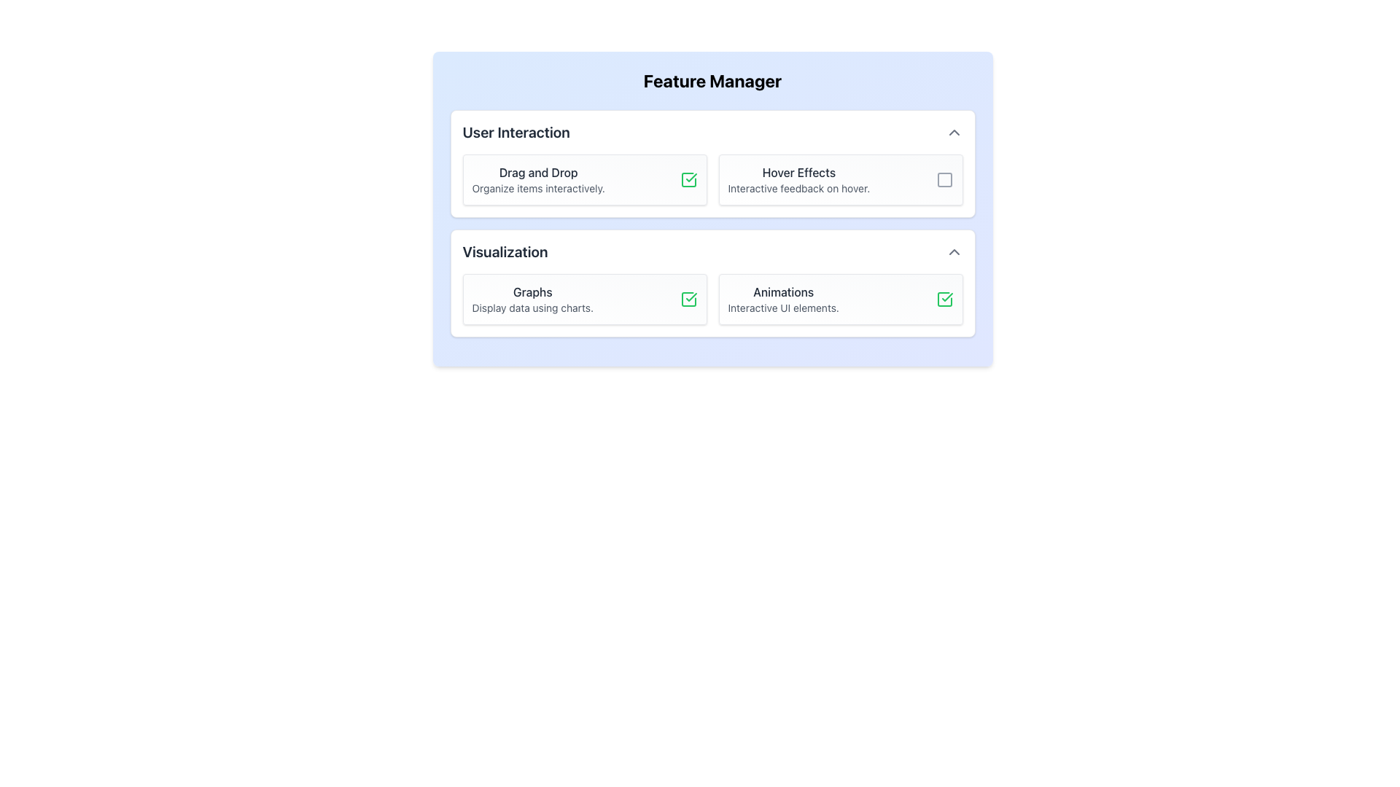  Describe the element at coordinates (712, 179) in the screenshot. I see `the checkbox in the right section of the Feature selector grid row` at that location.